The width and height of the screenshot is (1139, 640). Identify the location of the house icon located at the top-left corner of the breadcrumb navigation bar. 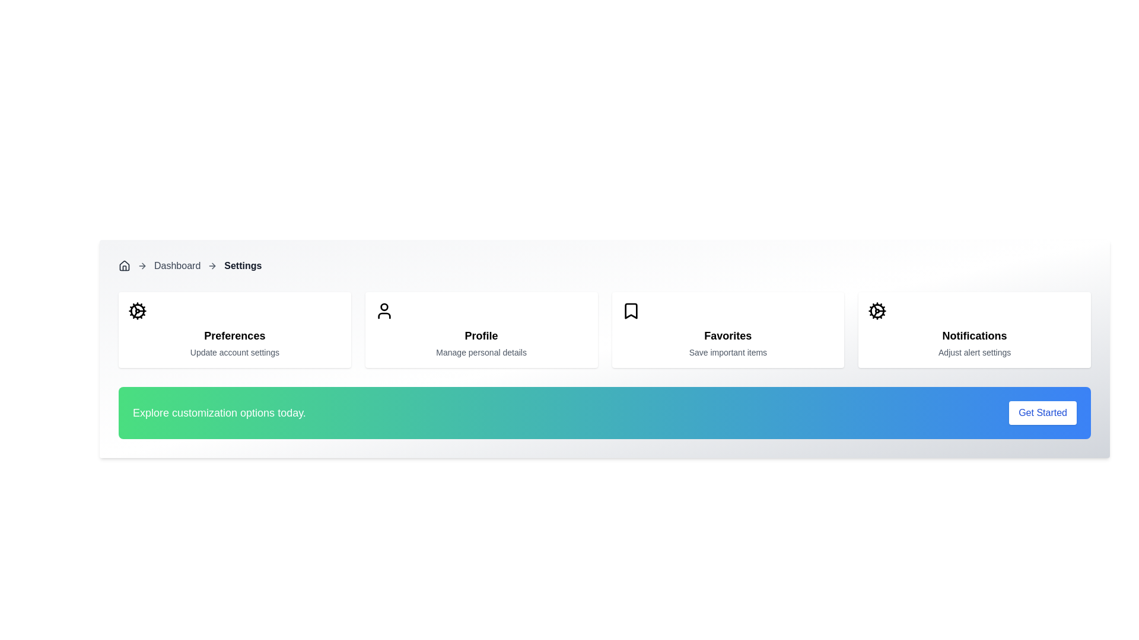
(125, 264).